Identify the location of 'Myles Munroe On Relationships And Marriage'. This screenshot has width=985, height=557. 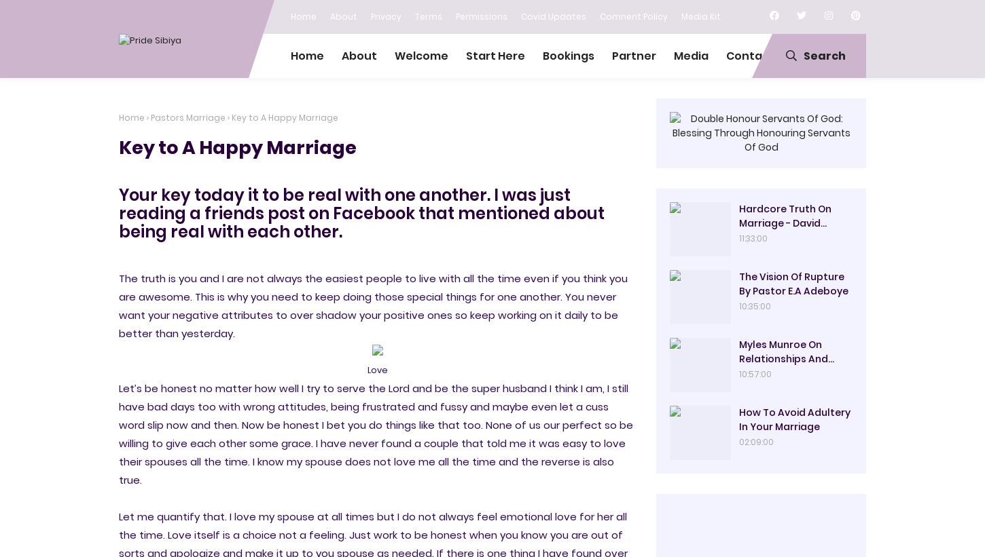
(783, 358).